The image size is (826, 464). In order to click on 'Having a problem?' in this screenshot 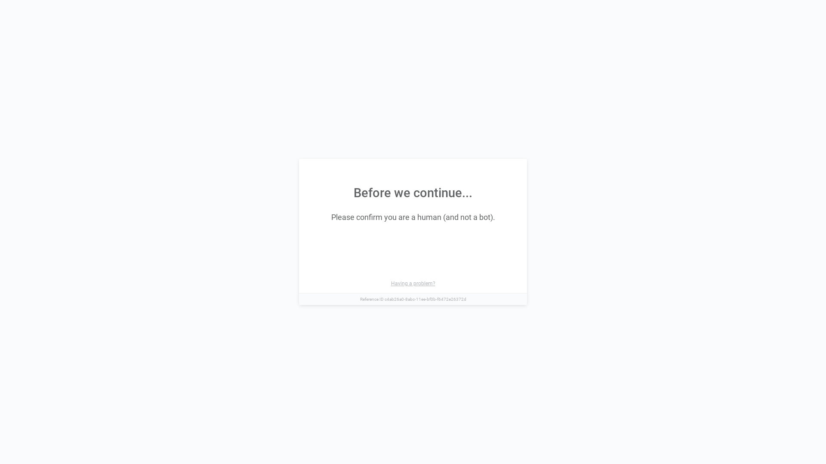, I will do `click(412, 283)`.